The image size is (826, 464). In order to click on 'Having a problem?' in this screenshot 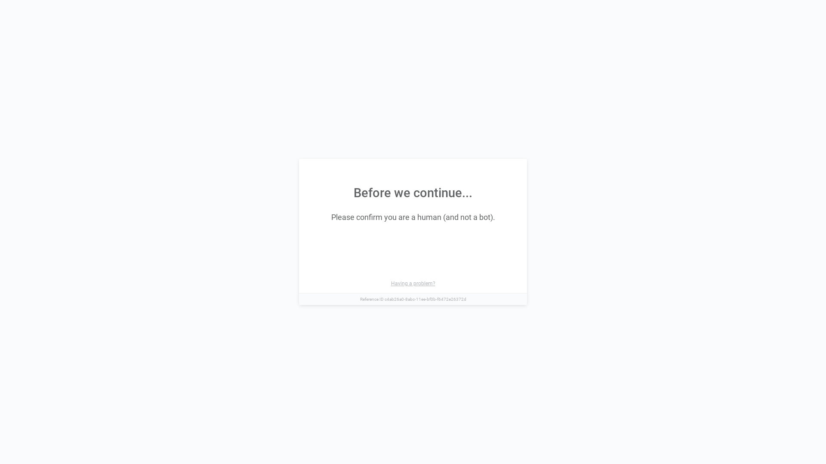, I will do `click(412, 283)`.